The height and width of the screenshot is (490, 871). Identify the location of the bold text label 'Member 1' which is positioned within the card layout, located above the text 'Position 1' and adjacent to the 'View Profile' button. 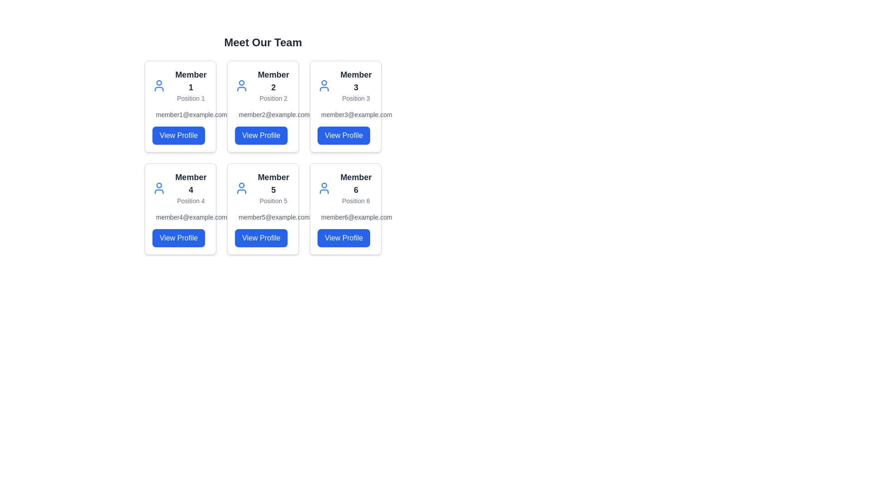
(190, 80).